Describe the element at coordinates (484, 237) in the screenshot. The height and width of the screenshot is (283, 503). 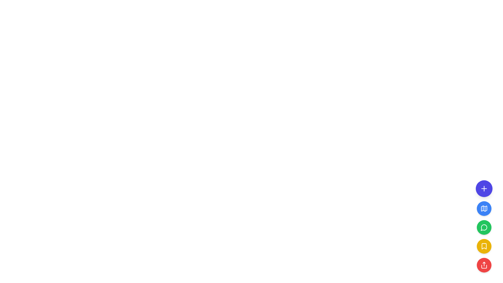
I see `the bookmark button, which is the third round button in a vertical stack located at the bottom-right corner of the interface, positioned below the green 'Messages' button and above the red 'Share' button` at that location.